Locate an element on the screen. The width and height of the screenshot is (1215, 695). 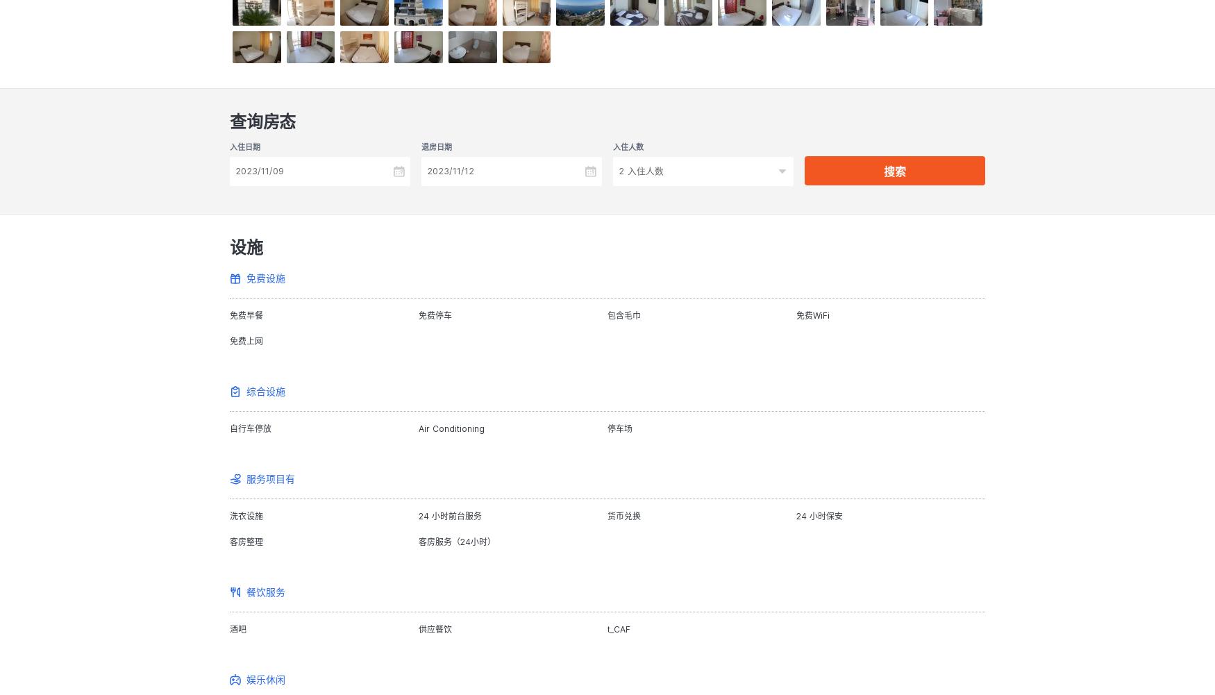
'Air Conditioning' is located at coordinates (451, 428).